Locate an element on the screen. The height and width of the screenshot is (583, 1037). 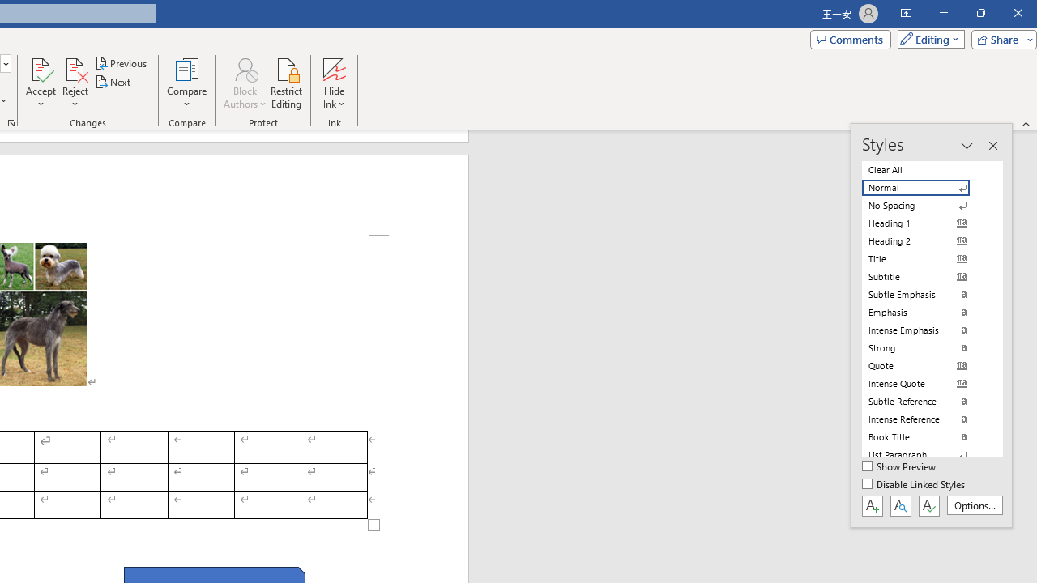
'Normal' is located at coordinates (925, 187).